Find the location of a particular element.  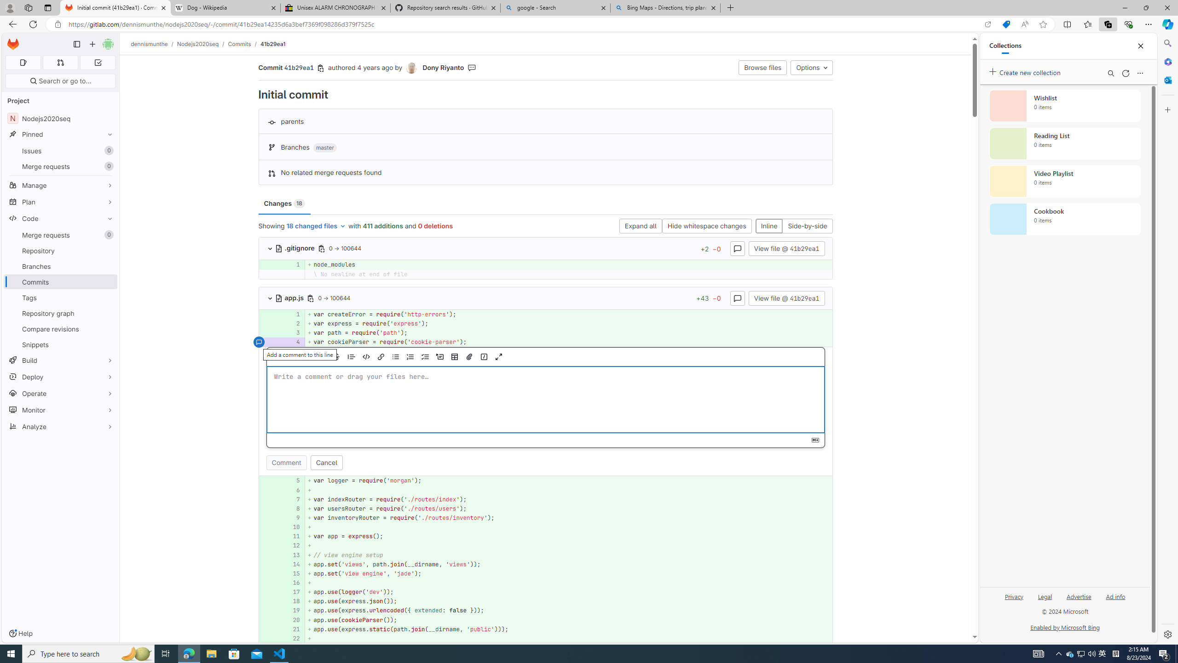

'AutomationID: 4a68969ef8e858229267b842dedf42ab5dde4d50_0_11' is located at coordinates (546, 536).